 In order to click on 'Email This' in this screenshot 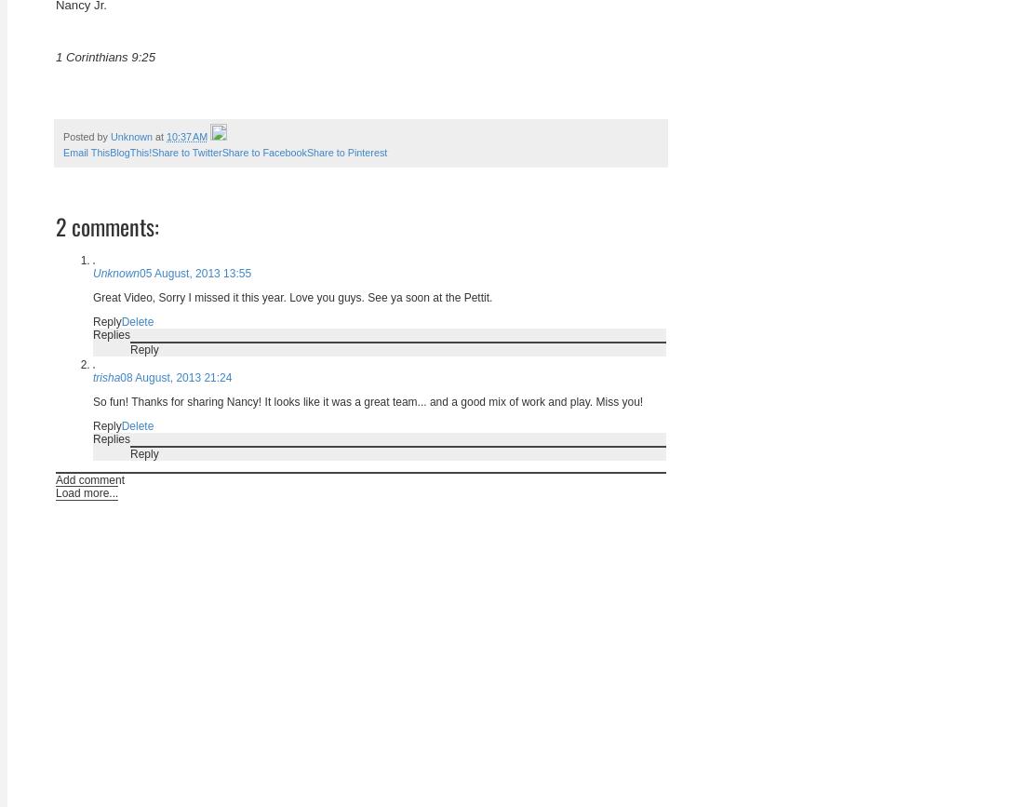, I will do `click(62, 153)`.